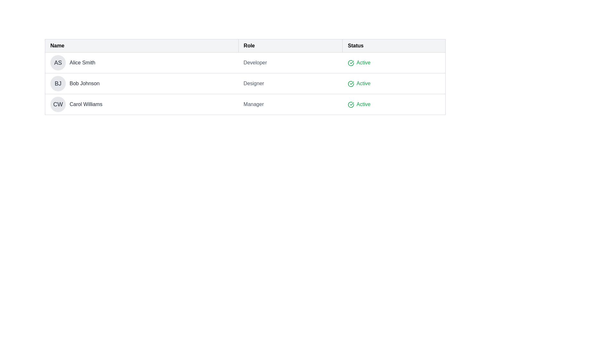 The image size is (616, 346). I want to click on the text label displaying 'Carol Williams' in the third row of the table, so click(86, 104).